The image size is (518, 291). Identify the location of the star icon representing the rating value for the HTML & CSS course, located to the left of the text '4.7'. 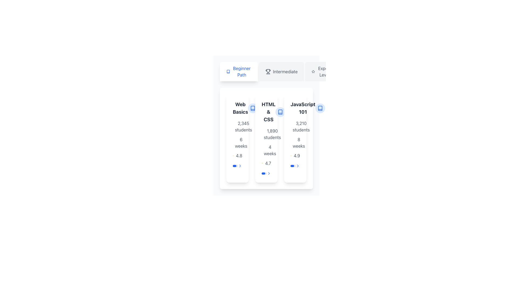
(262, 163).